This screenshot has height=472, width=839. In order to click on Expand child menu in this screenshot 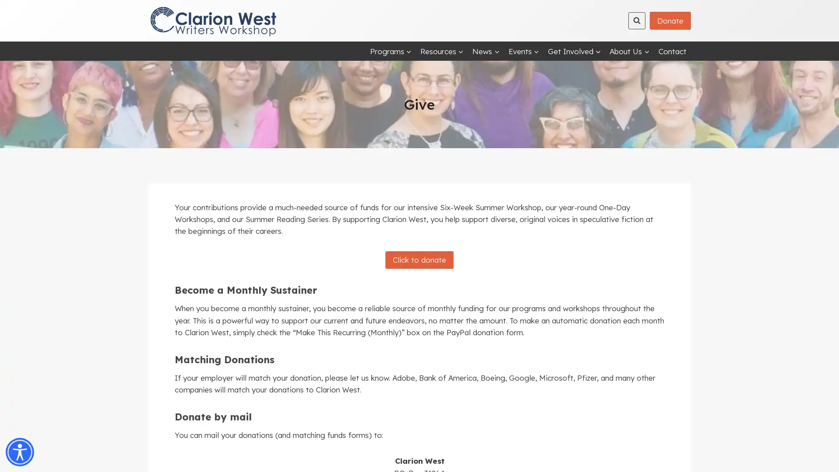, I will do `click(629, 51)`.